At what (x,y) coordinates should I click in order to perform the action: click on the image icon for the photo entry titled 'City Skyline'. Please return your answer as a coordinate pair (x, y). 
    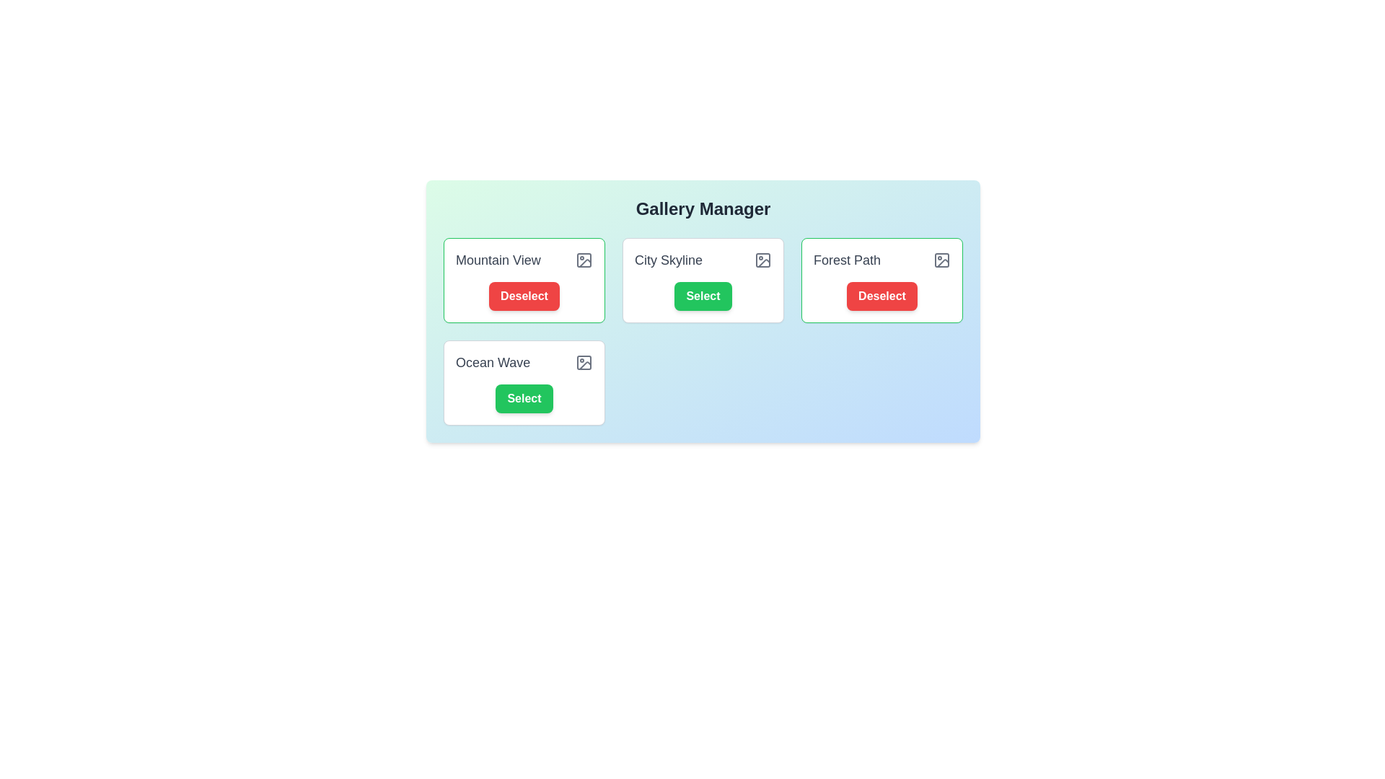
    Looking at the image, I should click on (762, 260).